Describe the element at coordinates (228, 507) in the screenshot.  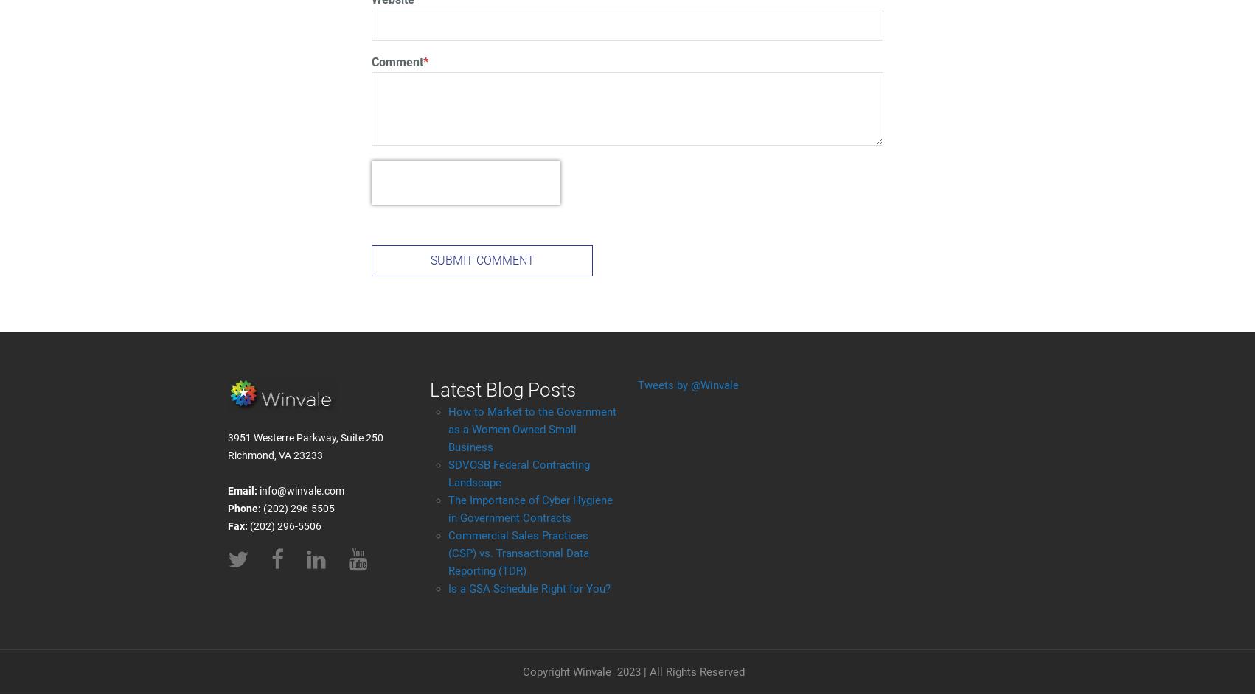
I see `'Phone:'` at that location.